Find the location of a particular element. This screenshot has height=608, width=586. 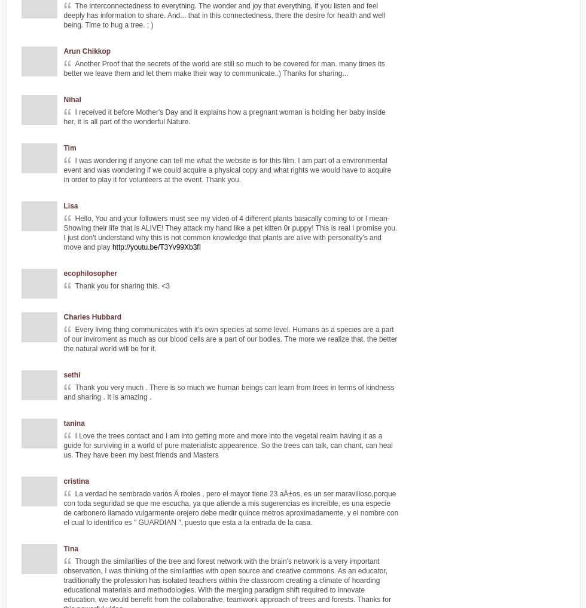

'Thank you very much . There is so much we human beings can learn from trees in terms of kindness and sharing . It is amazing .' is located at coordinates (228, 392).